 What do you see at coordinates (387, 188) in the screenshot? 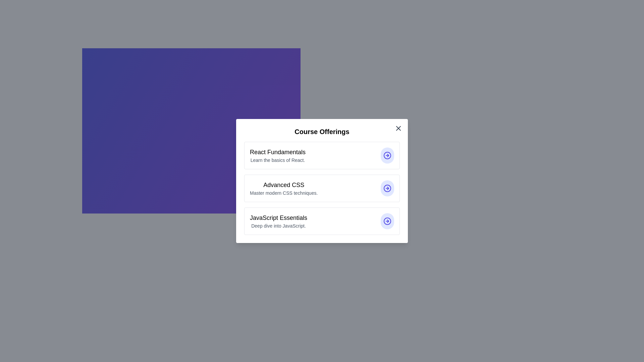
I see `the circular icon button with a right-pointing arrow located beside the 'Advanced CSS' text in the second row of the 'Course Offerings' modal dialog` at bounding box center [387, 188].